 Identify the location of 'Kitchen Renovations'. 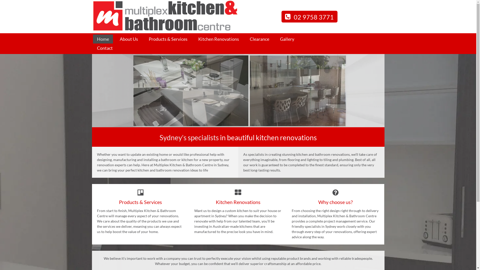
(218, 39).